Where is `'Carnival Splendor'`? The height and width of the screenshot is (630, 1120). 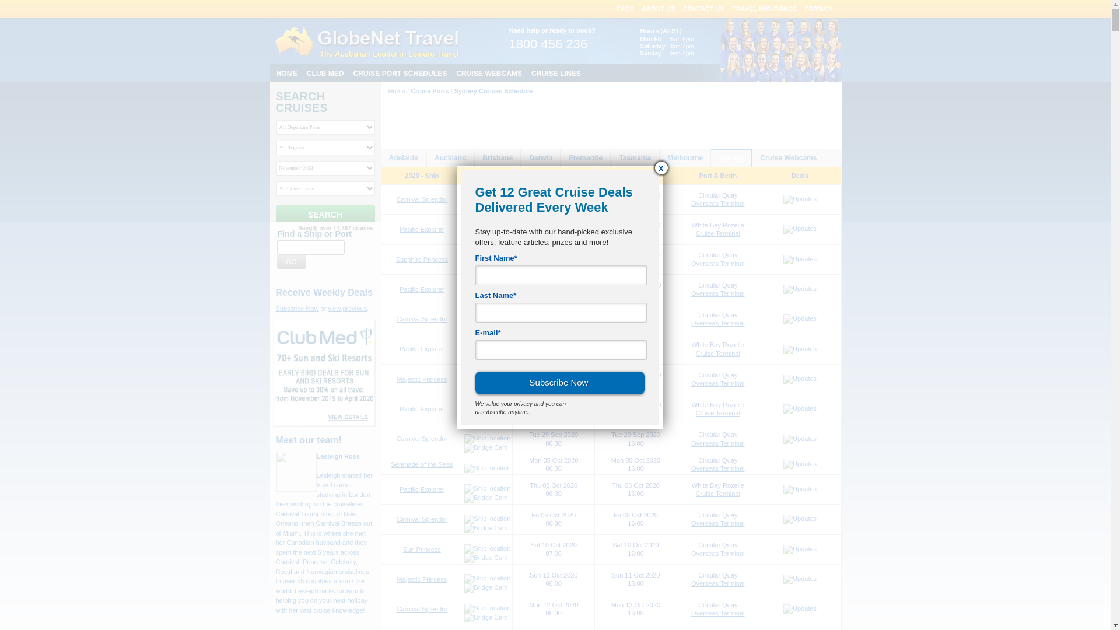 'Carnival Splendor' is located at coordinates (421, 319).